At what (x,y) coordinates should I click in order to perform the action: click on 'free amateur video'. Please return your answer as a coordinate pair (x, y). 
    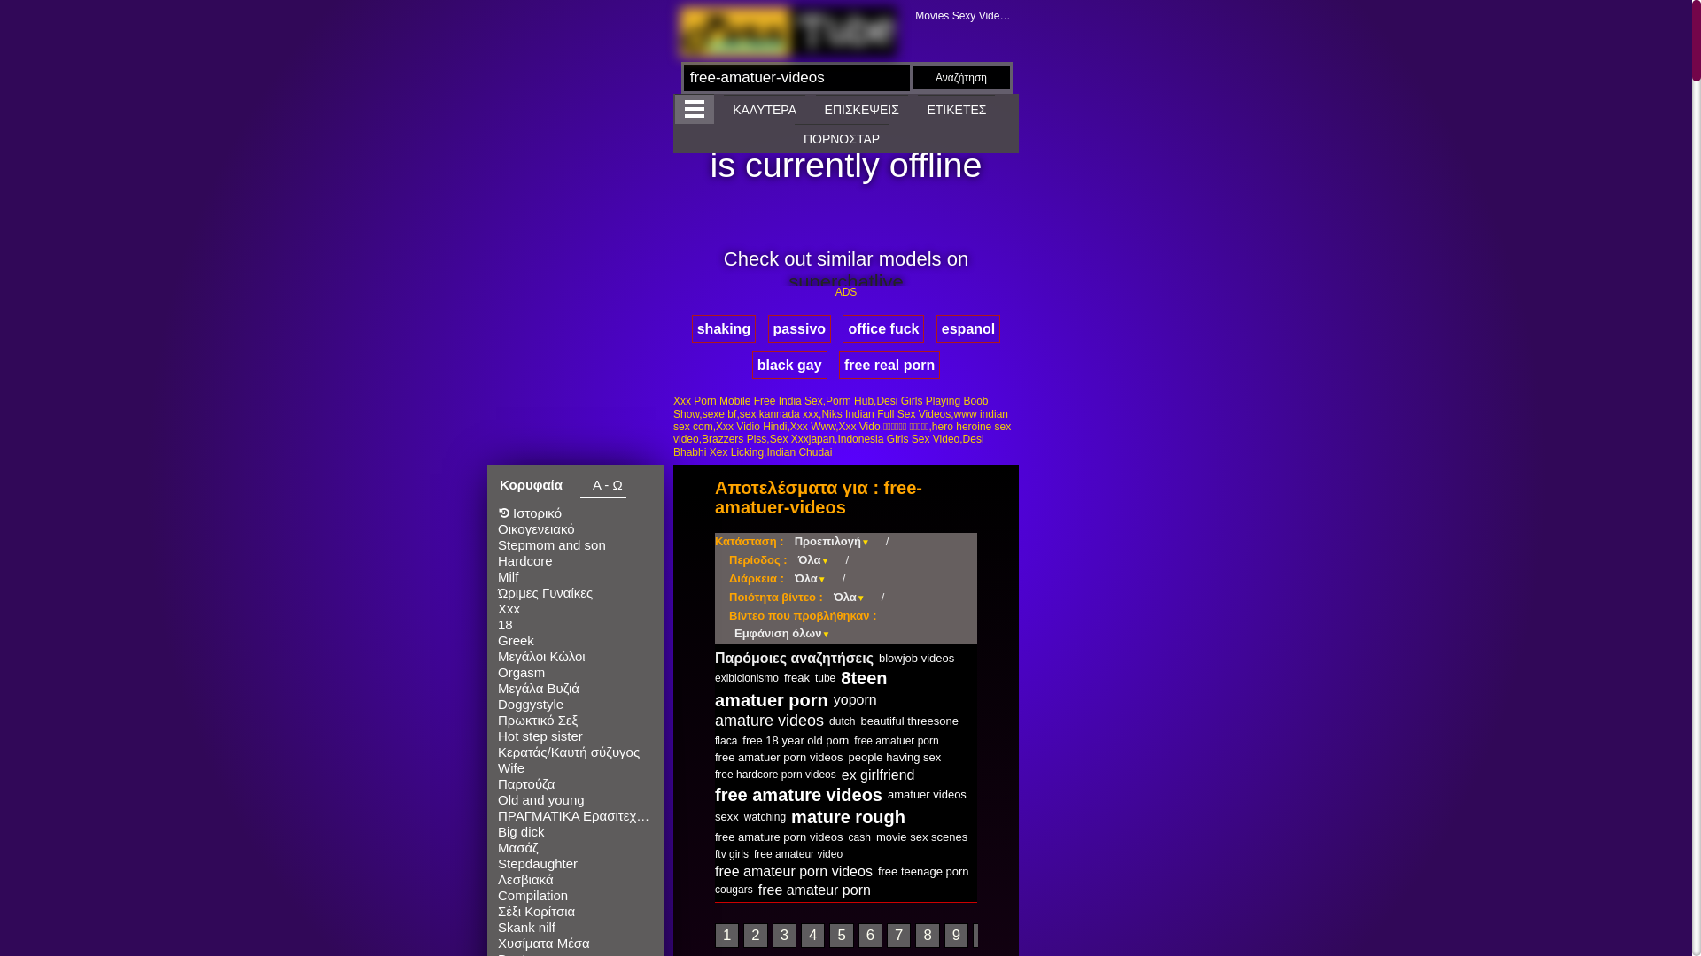
    Looking at the image, I should click on (797, 852).